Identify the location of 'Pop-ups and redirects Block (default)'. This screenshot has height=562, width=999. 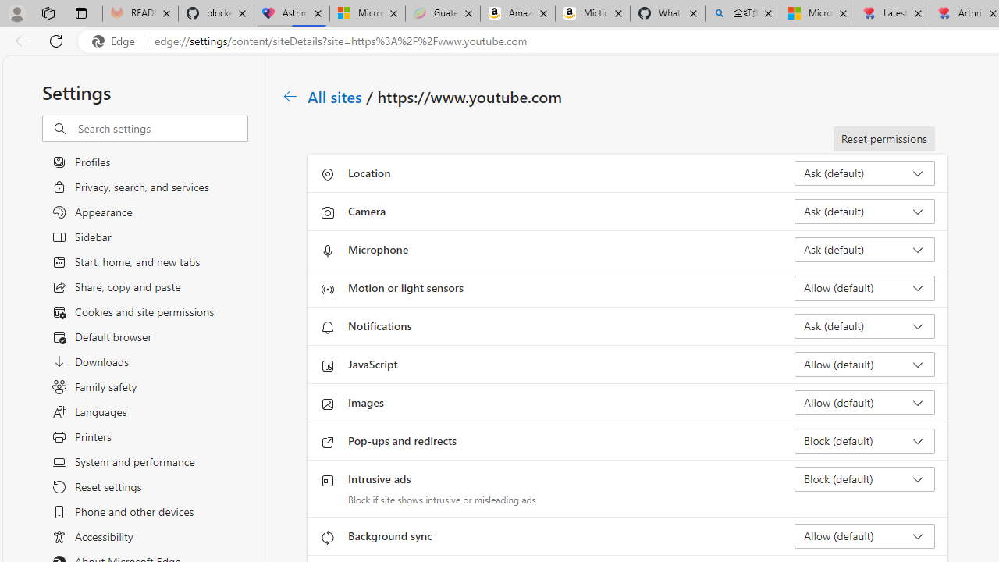
(863, 440).